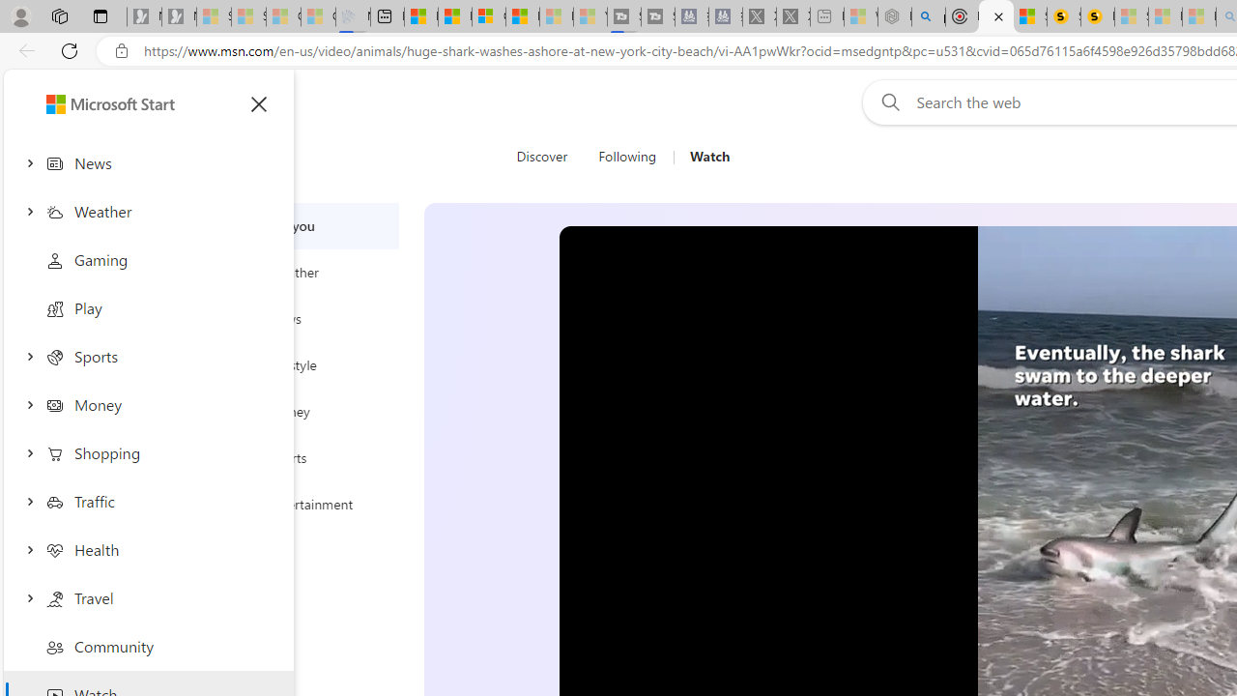 Image resolution: width=1237 pixels, height=696 pixels. Describe the element at coordinates (258, 104) in the screenshot. I see `'Close menu'` at that location.